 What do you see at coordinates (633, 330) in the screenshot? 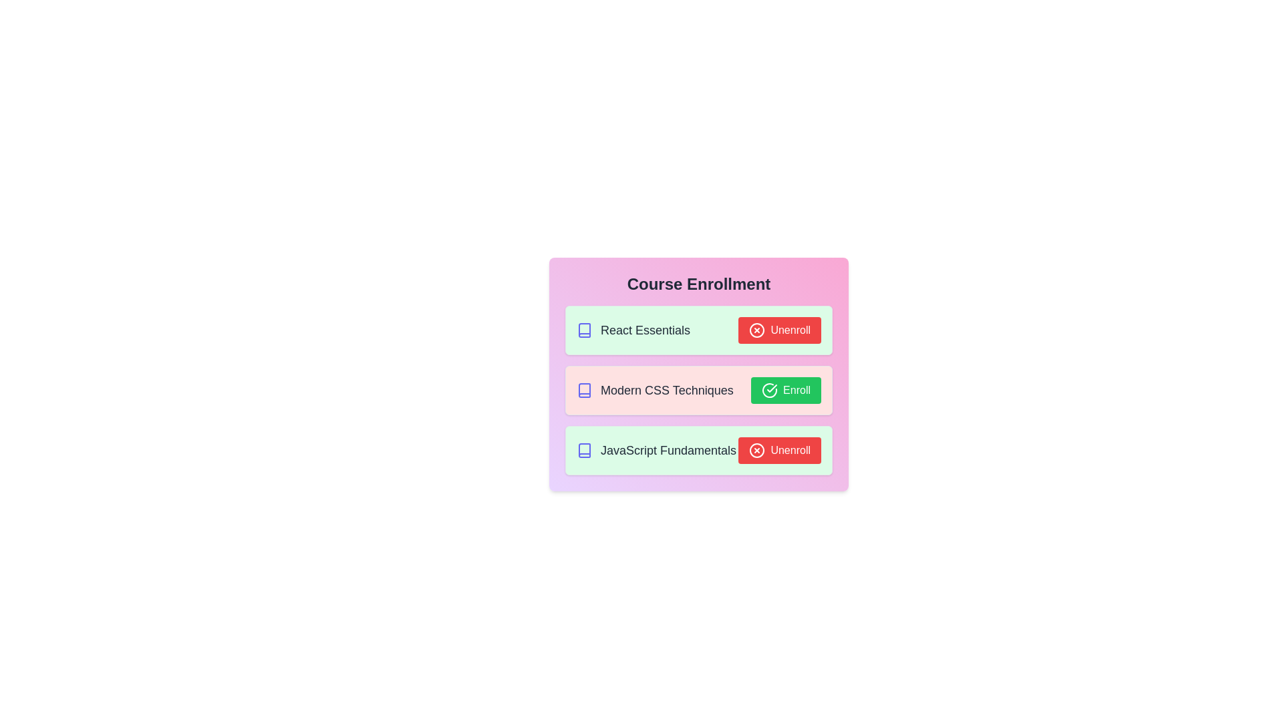
I see `the course title React Essentials to select it` at bounding box center [633, 330].